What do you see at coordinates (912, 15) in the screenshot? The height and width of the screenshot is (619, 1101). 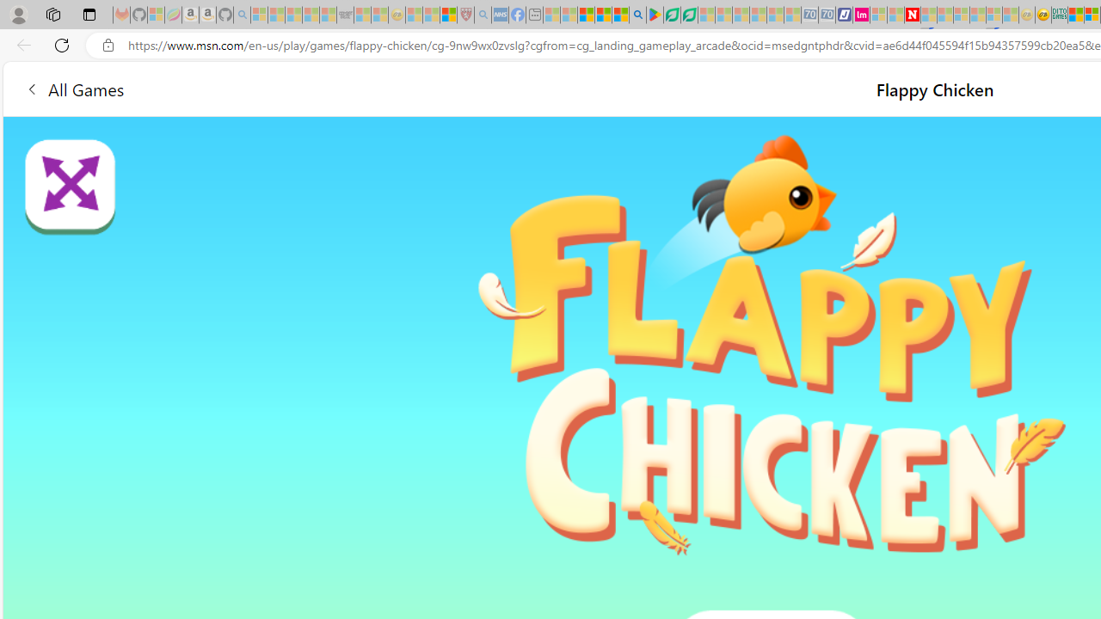 I see `'Latest Politics News & Archive | Newsweek.com'` at bounding box center [912, 15].